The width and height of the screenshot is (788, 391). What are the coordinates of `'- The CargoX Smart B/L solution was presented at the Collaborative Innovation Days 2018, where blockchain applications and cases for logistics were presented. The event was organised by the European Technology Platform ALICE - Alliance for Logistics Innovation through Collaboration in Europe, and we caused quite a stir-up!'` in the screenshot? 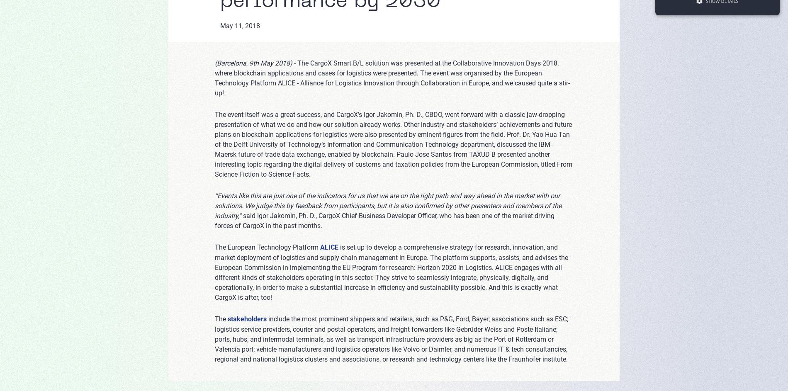 It's located at (214, 78).